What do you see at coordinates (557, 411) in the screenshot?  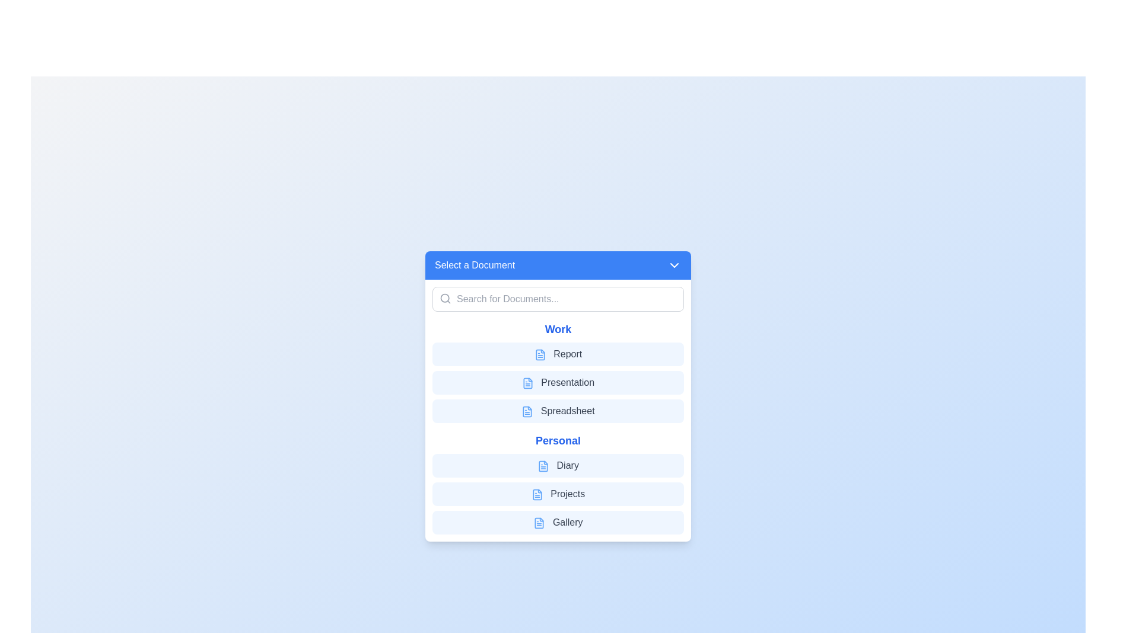 I see `the 'Spreadsheet' button, which is the third item in the 'Work' section of the document selection menu` at bounding box center [557, 411].